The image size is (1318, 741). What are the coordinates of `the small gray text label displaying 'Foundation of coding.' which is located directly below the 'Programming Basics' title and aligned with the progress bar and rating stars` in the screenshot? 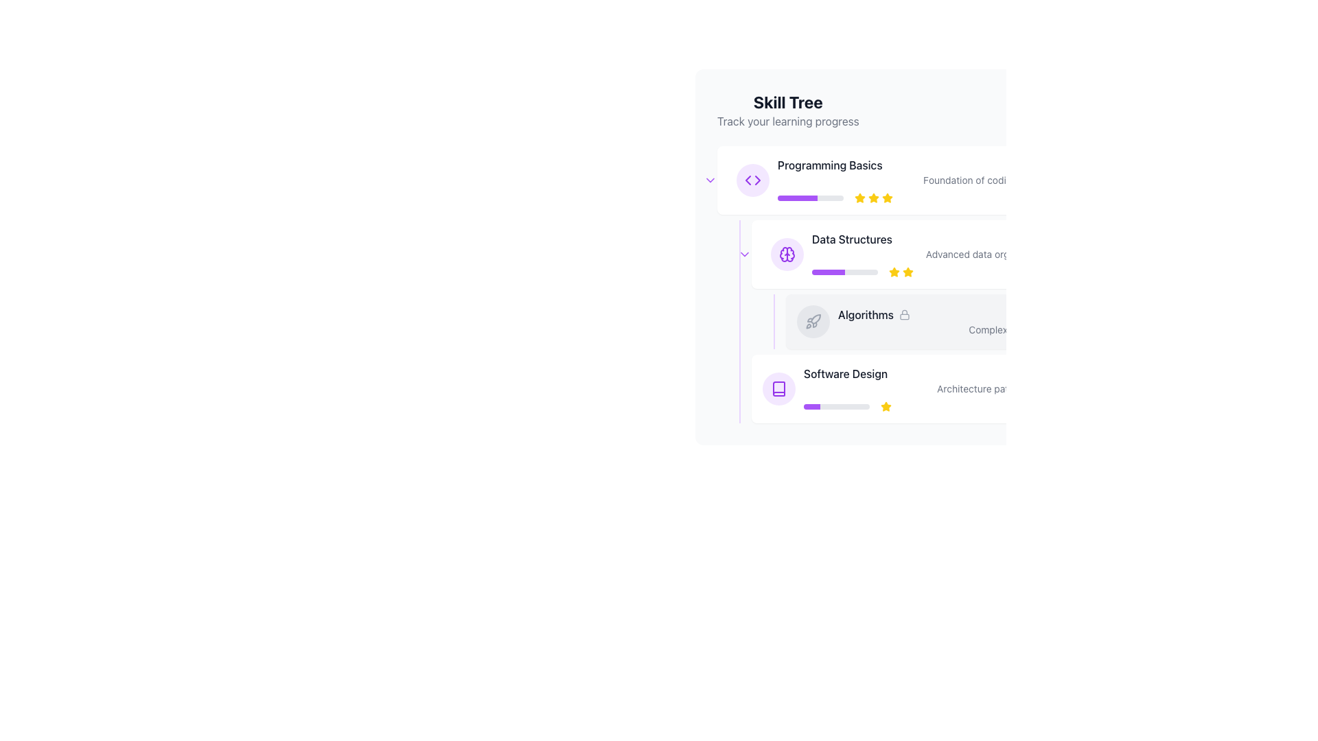 It's located at (969, 179).